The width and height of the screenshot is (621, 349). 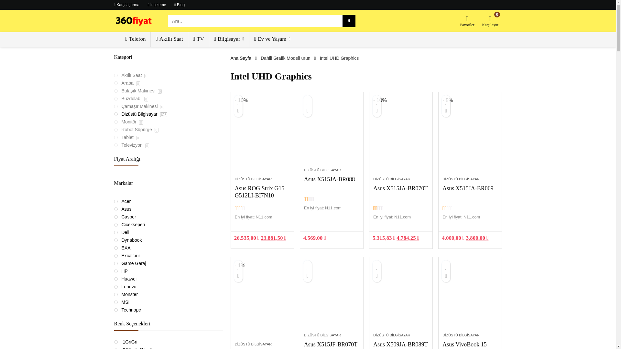 What do you see at coordinates (135, 39) in the screenshot?
I see `'Telefon'` at bounding box center [135, 39].